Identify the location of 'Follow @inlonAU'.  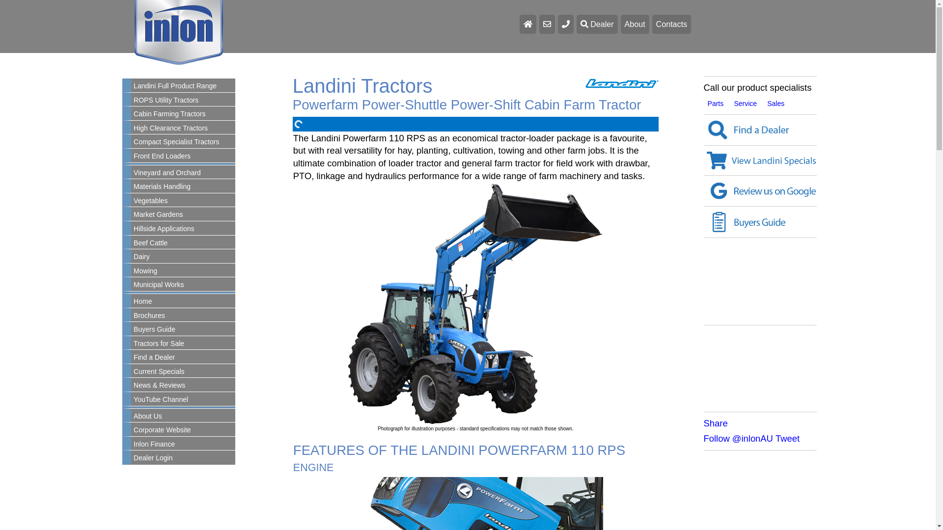
(738, 438).